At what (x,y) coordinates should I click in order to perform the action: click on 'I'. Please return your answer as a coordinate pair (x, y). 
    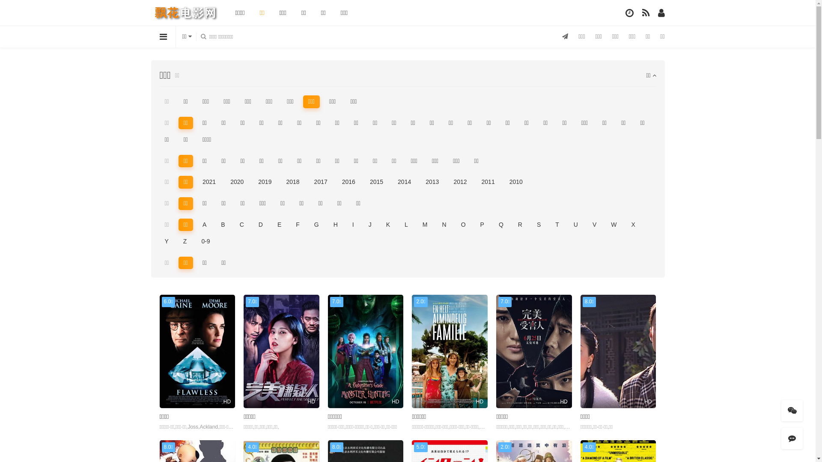
    Looking at the image, I should click on (353, 224).